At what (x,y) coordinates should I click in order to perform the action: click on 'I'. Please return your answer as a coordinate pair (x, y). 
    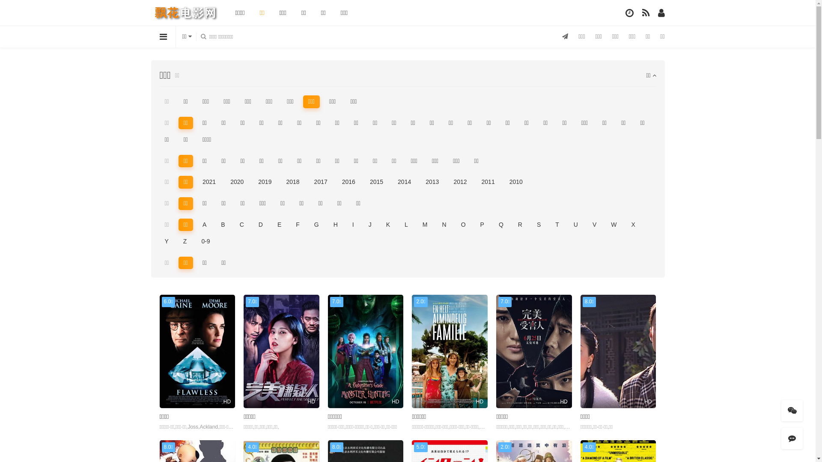
    Looking at the image, I should click on (353, 224).